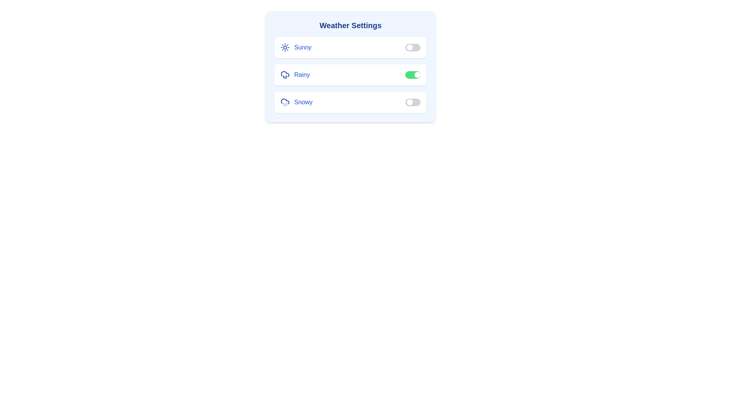 The width and height of the screenshot is (730, 411). Describe the element at coordinates (302, 75) in the screenshot. I see `the Text label indicating the weather condition, which represents 'Rainy', located to the right of a rainy cloud icon and to the left of a green toggle switch` at that location.